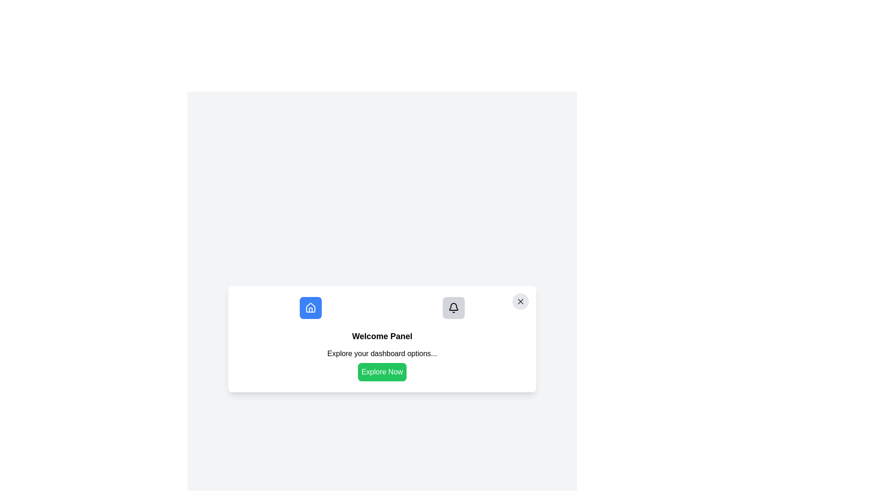 The width and height of the screenshot is (880, 495). Describe the element at coordinates (382, 339) in the screenshot. I see `information presented in the modal window titled 'Welcome Panel', which contains a subtitle 'Explore your dashboard options...' and a green button labeled 'Explore Now'` at that location.